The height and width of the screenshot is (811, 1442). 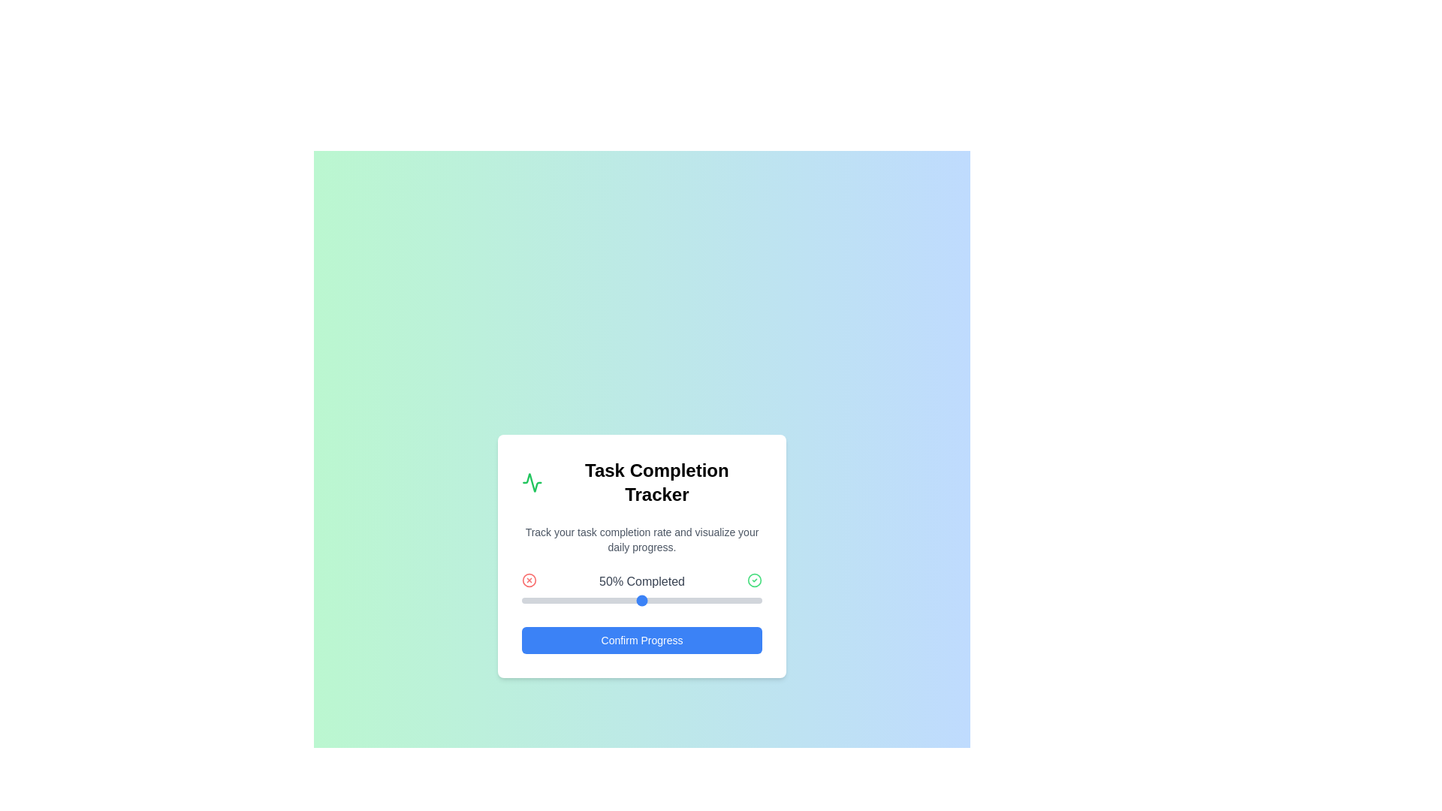 What do you see at coordinates (526, 599) in the screenshot?
I see `the progress slider to 2%` at bounding box center [526, 599].